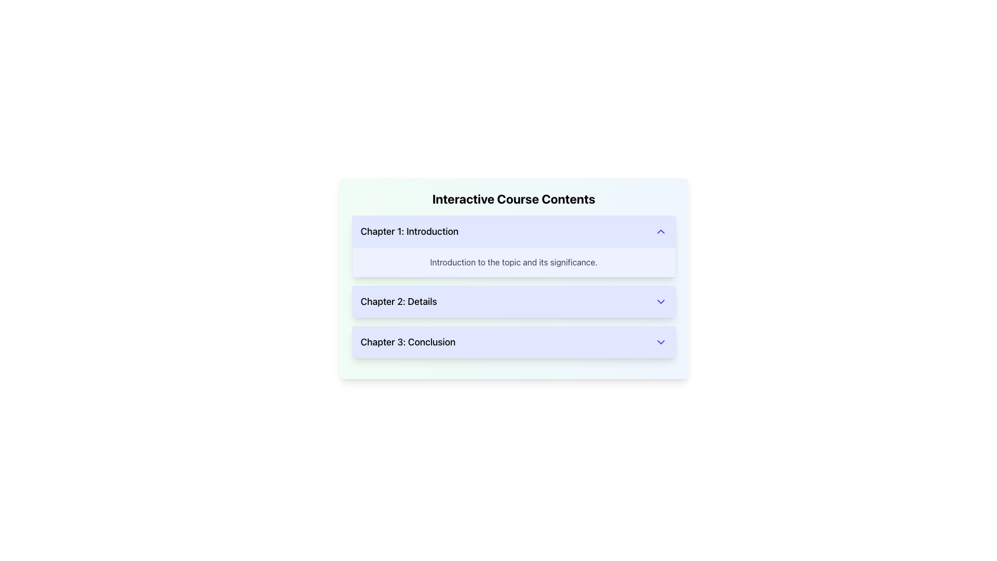 This screenshot has width=997, height=561. I want to click on title of the chapter displayed in the text label 'Chapter 1: Introduction', which is prominently styled and located at the top of a collapsible list item, so click(409, 231).